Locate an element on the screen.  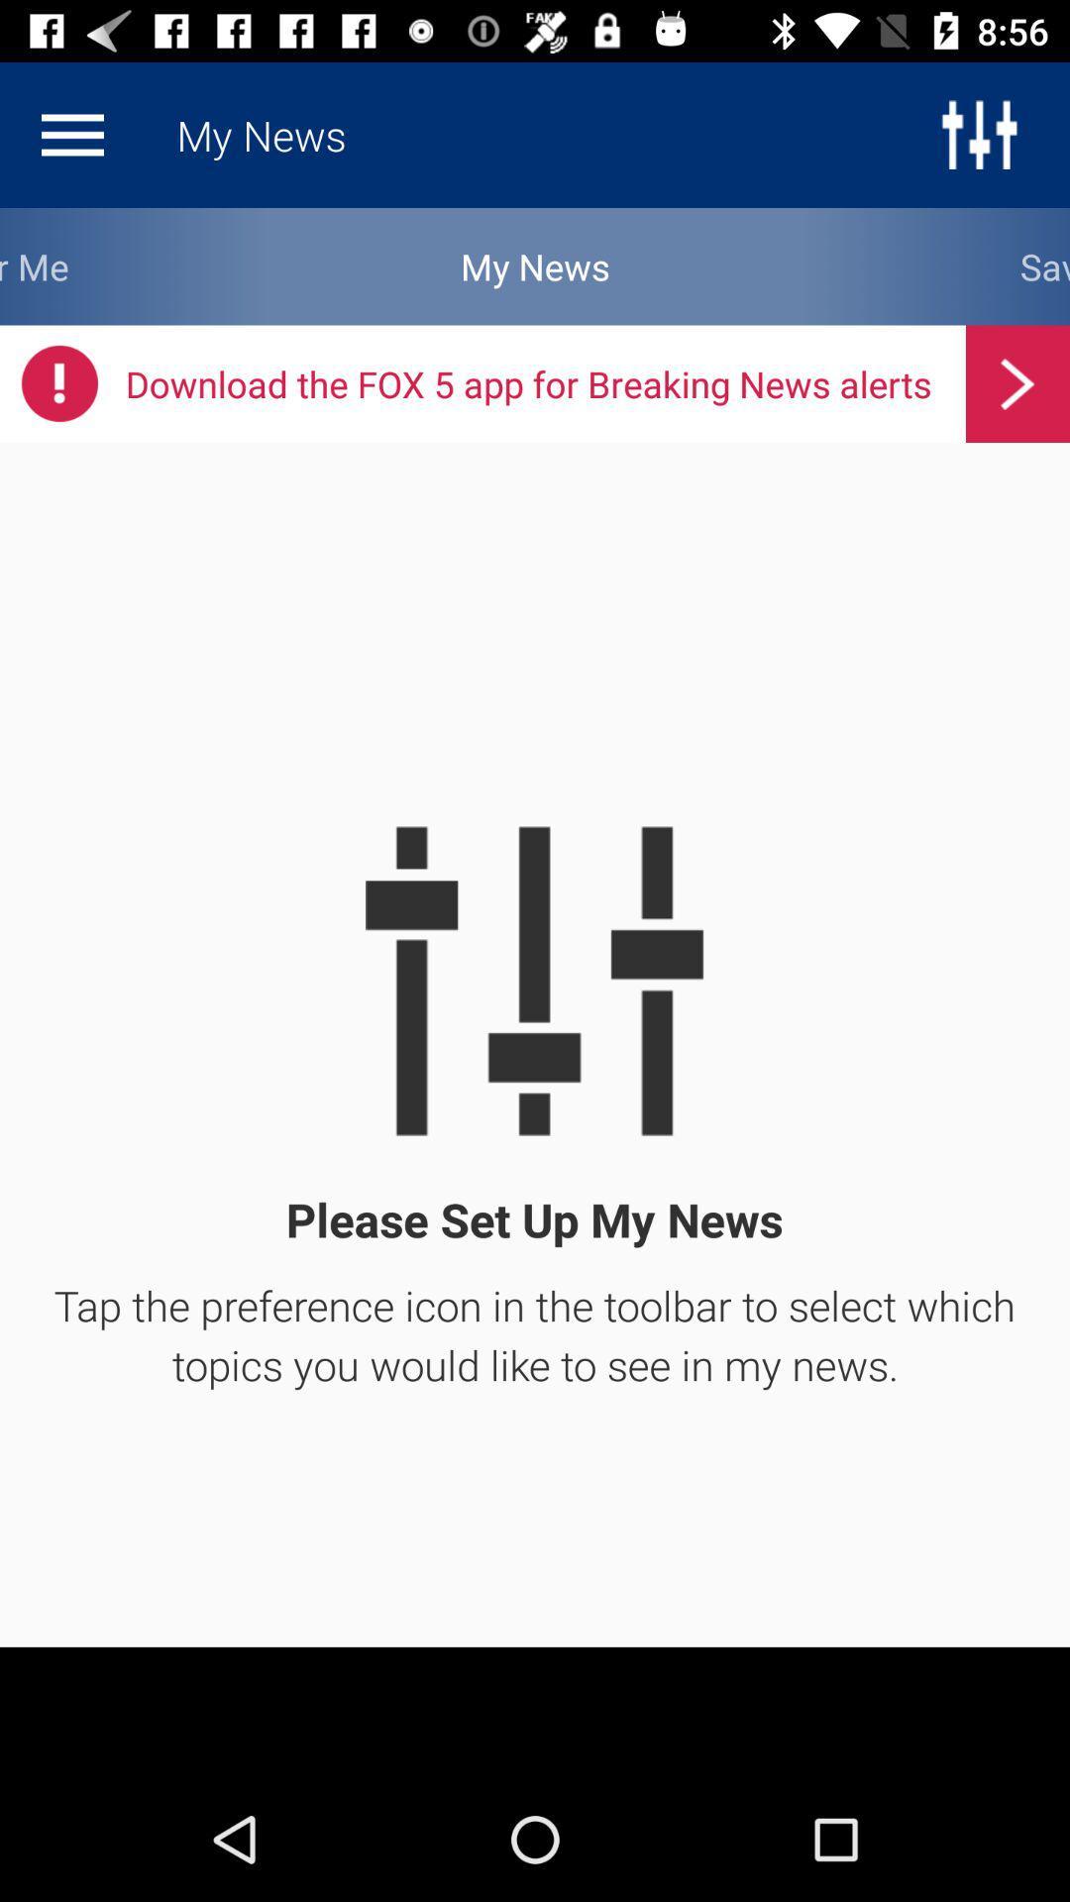
the sliders icon is located at coordinates (978, 134).